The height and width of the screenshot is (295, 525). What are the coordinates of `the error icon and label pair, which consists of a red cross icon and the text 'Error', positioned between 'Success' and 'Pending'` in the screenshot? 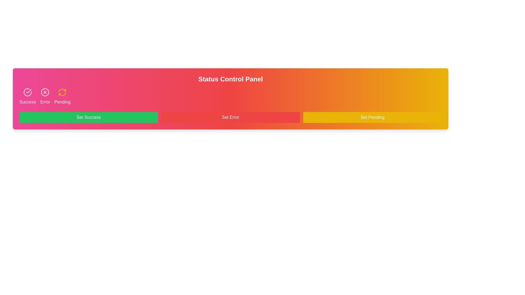 It's located at (45, 96).